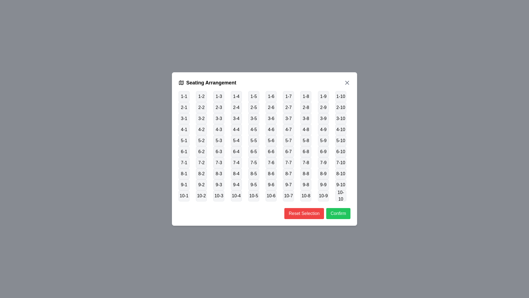 Image resolution: width=529 pixels, height=298 pixels. What do you see at coordinates (304, 213) in the screenshot?
I see `the 'Reset Selection' button to reset the seating selection` at bounding box center [304, 213].